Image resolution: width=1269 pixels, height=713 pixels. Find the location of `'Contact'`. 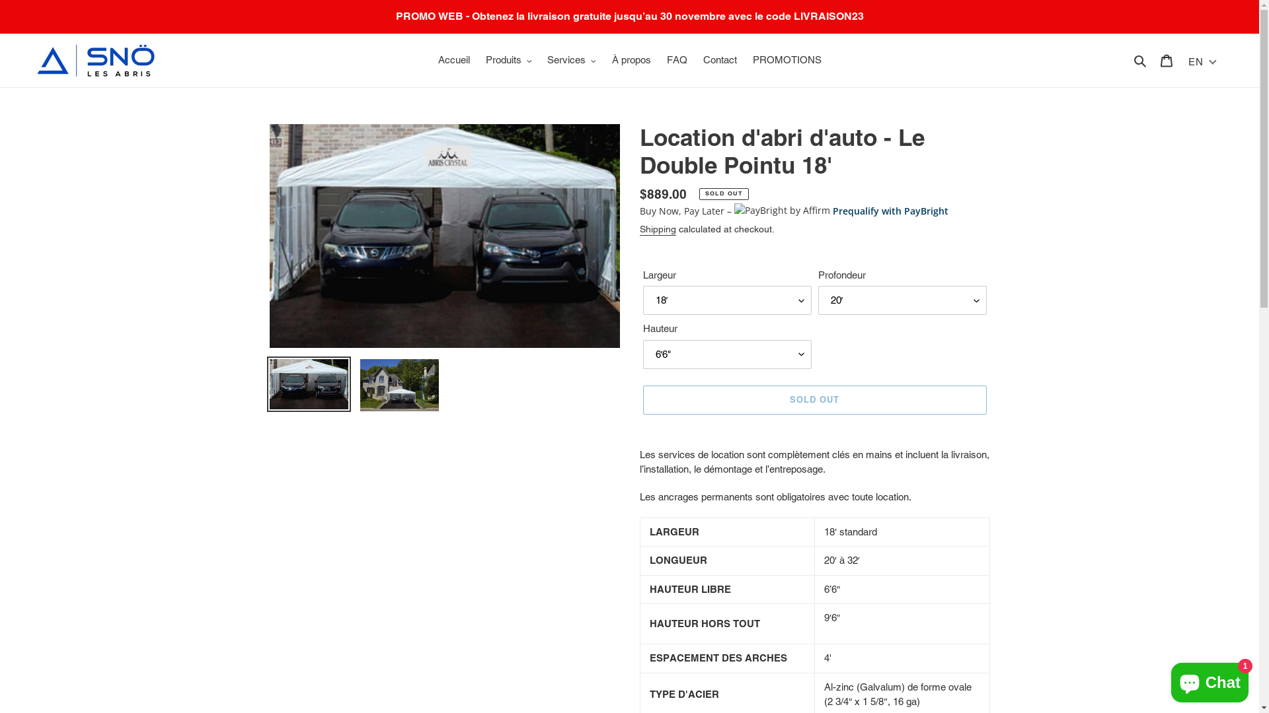

'Contact' is located at coordinates (719, 60).